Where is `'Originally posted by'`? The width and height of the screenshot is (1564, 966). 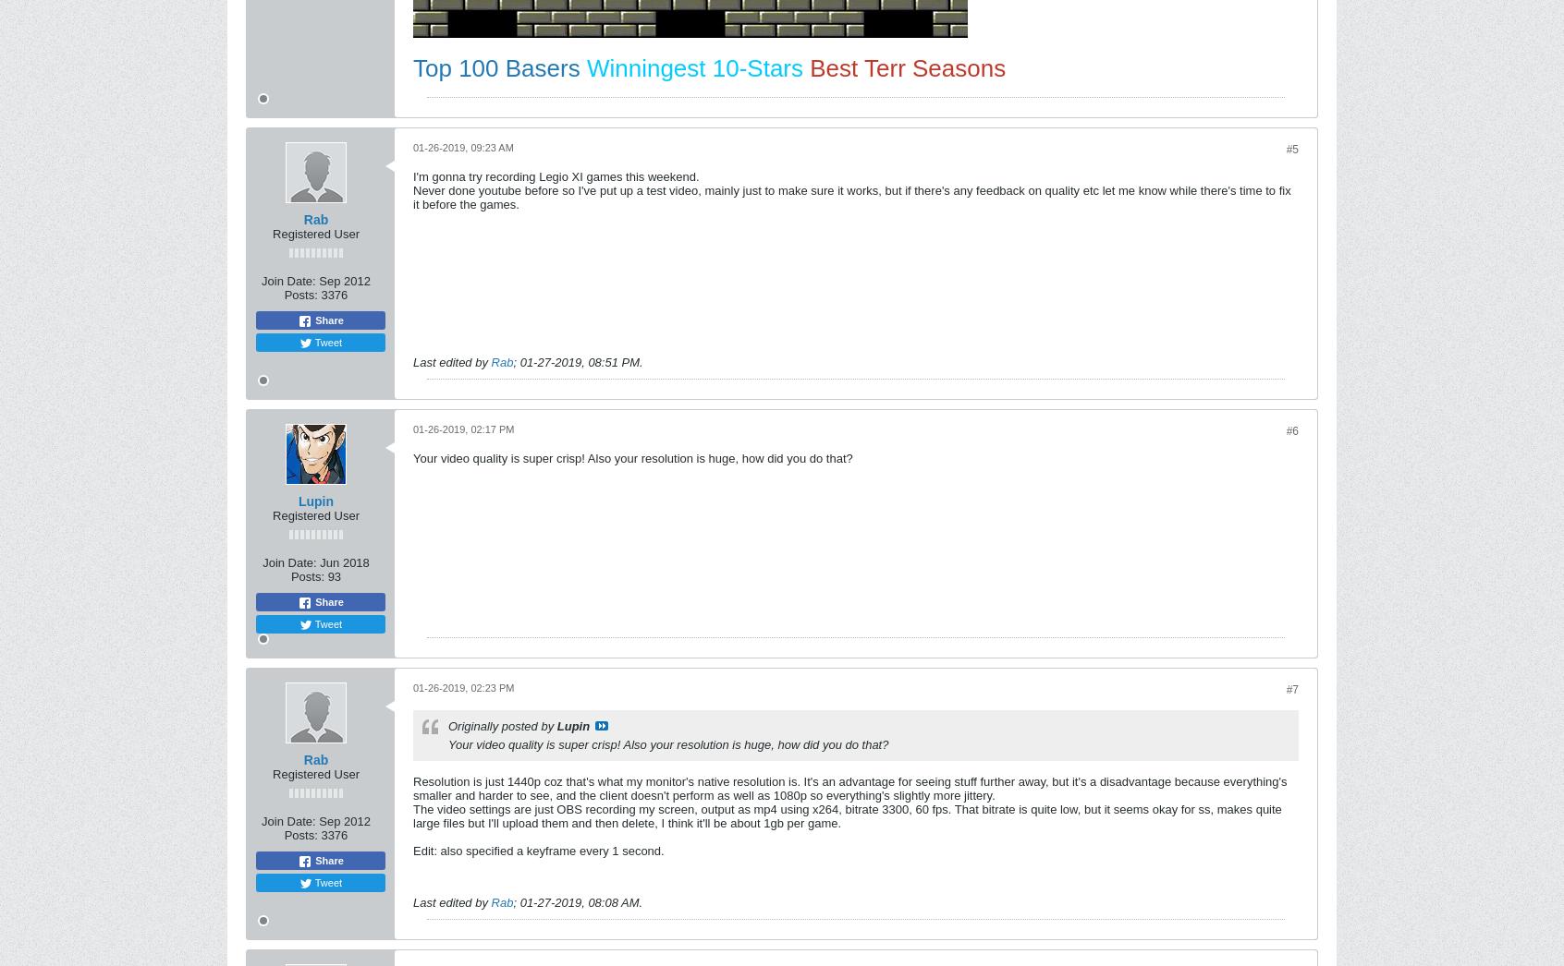
'Originally posted by' is located at coordinates (502, 726).